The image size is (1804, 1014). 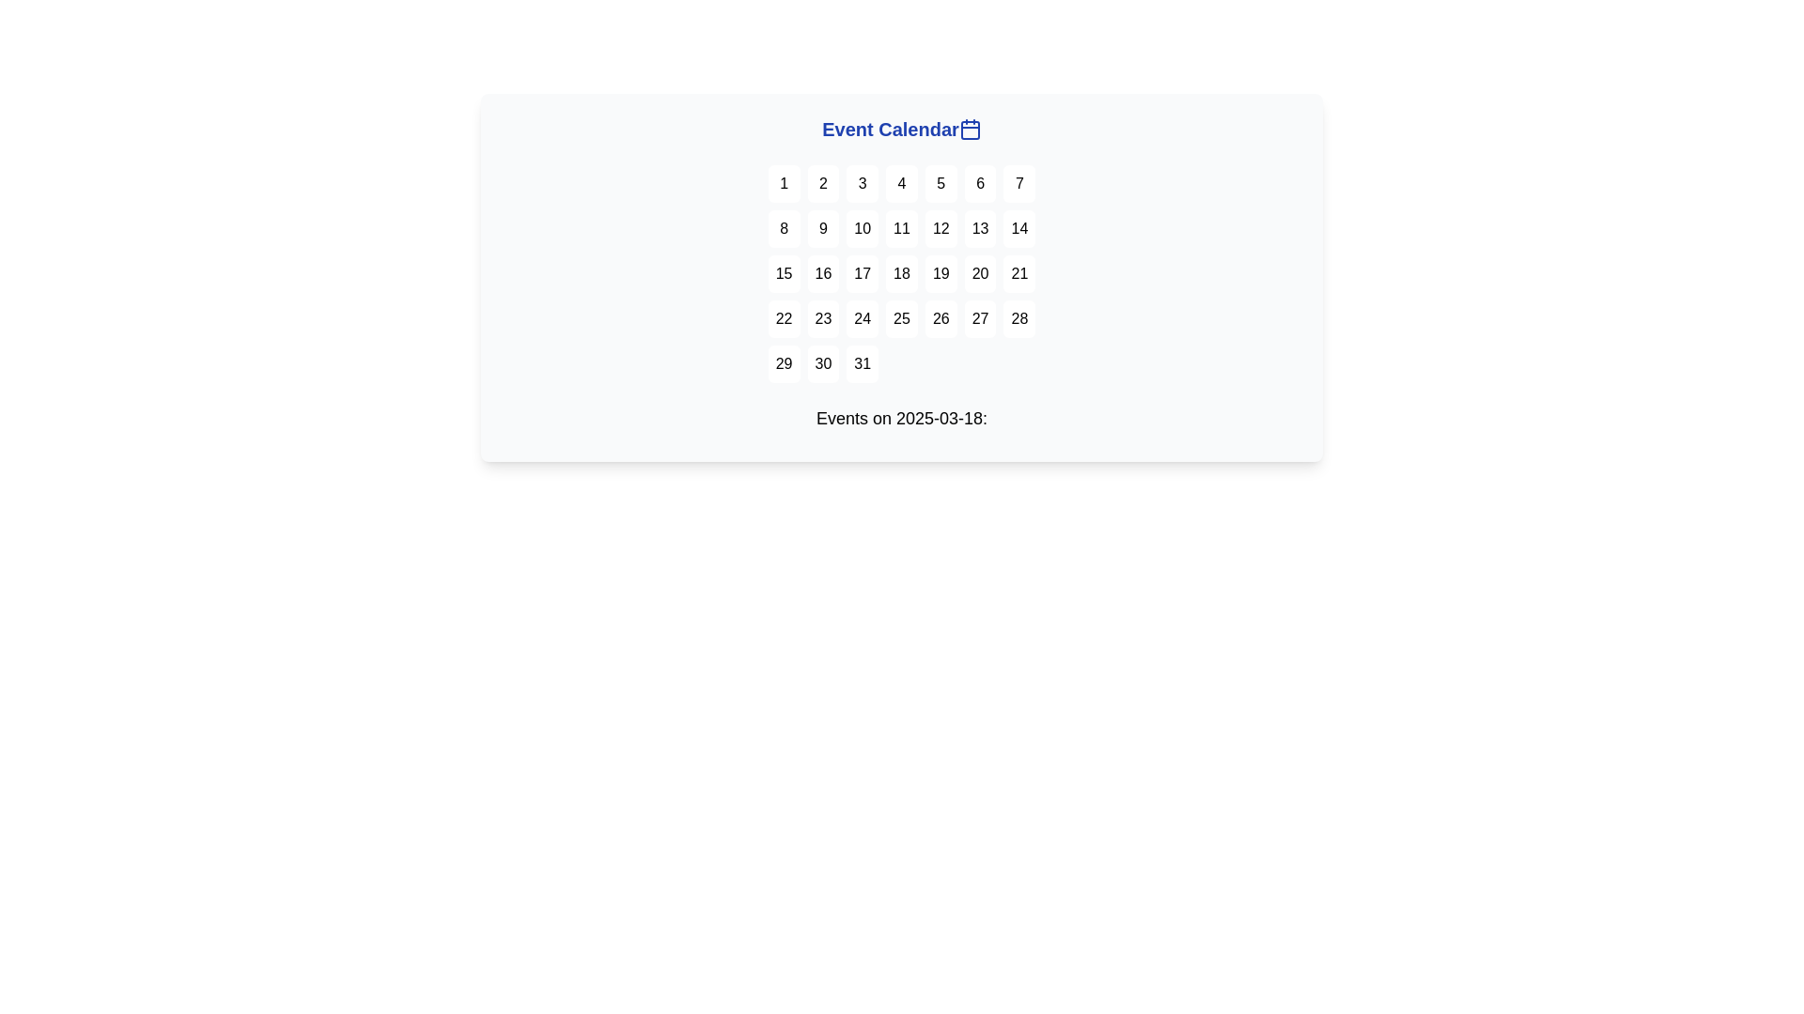 What do you see at coordinates (784, 364) in the screenshot?
I see `the interactive calendar day cell representing the 29th day` at bounding box center [784, 364].